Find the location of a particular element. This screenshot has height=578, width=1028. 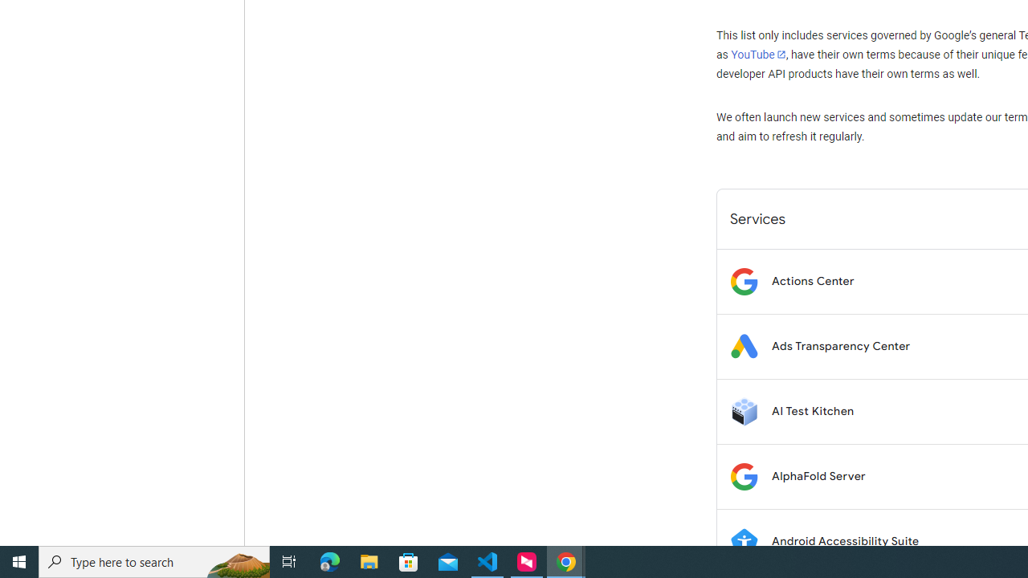

'Logo for AlphaFold Server' is located at coordinates (743, 475).